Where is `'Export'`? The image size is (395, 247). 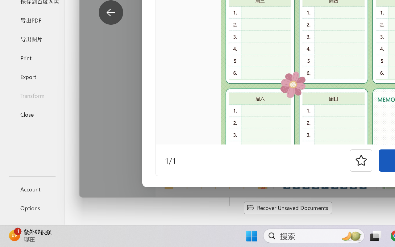 'Export' is located at coordinates (32, 76).